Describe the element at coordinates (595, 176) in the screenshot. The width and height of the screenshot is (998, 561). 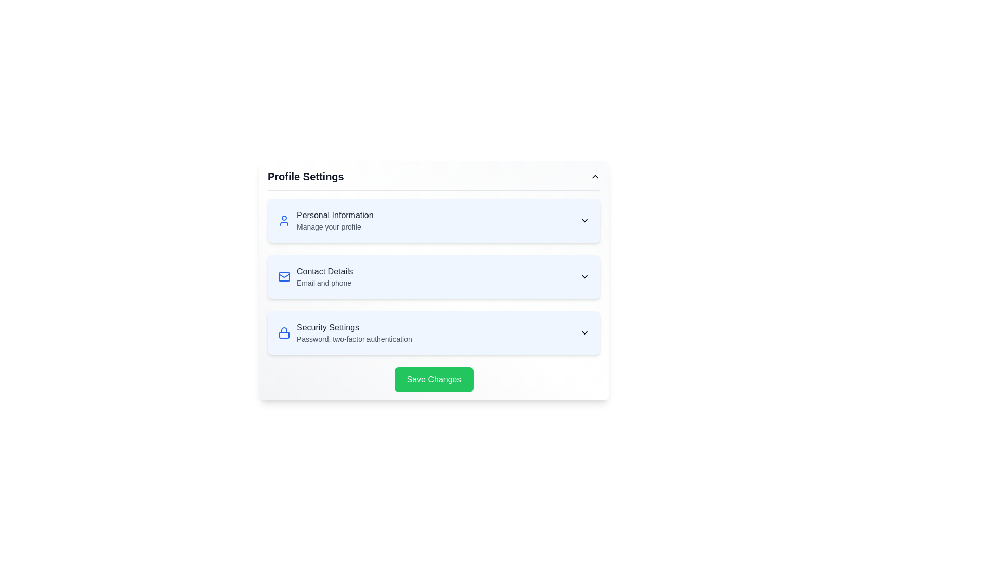
I see `the toggle button icon resembling an upward-pointing chevron located at the top-right corner of the profile settings section` at that location.